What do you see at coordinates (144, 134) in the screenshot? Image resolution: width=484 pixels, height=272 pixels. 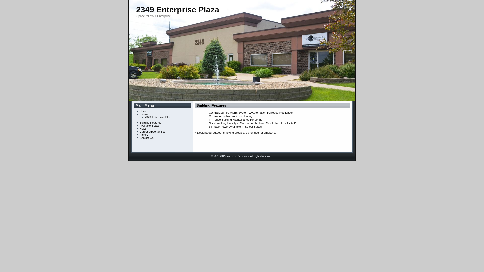 I see `'History'` at bounding box center [144, 134].